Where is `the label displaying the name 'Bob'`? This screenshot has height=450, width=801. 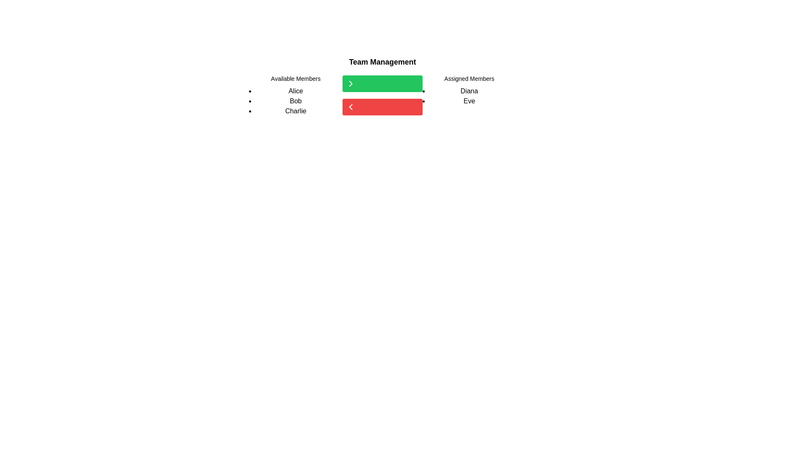 the label displaying the name 'Bob' is located at coordinates (296, 101).